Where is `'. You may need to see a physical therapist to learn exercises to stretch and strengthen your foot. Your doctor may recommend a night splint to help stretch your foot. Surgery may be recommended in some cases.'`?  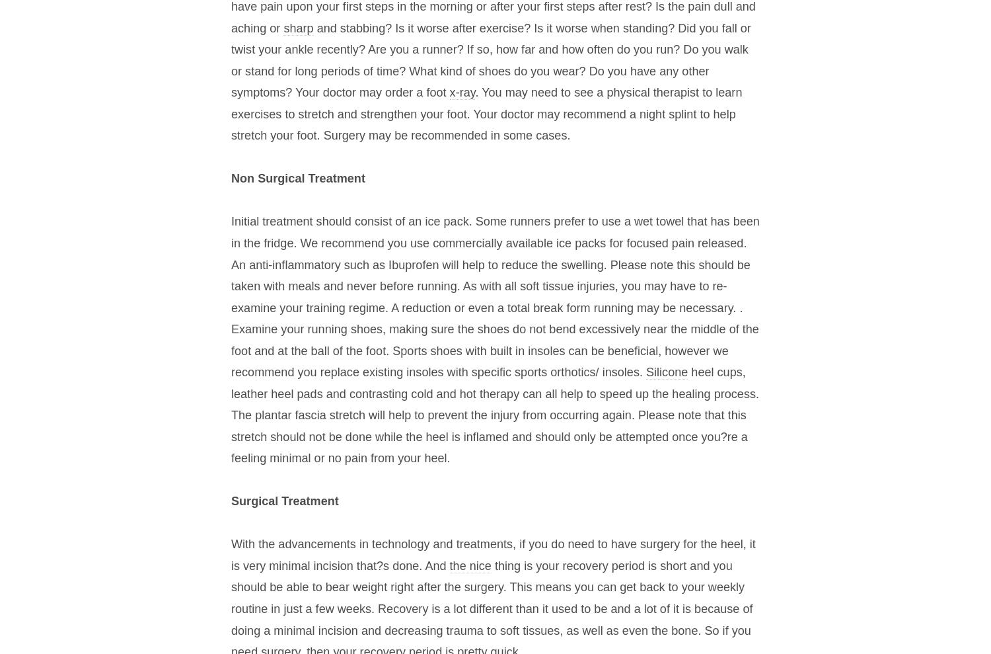 '. You may need to see a physical therapist to learn exercises to stretch and strengthen your foot. Your doctor may recommend a night splint to help stretch your foot. Surgery may be recommended in some cases.' is located at coordinates (486, 114).